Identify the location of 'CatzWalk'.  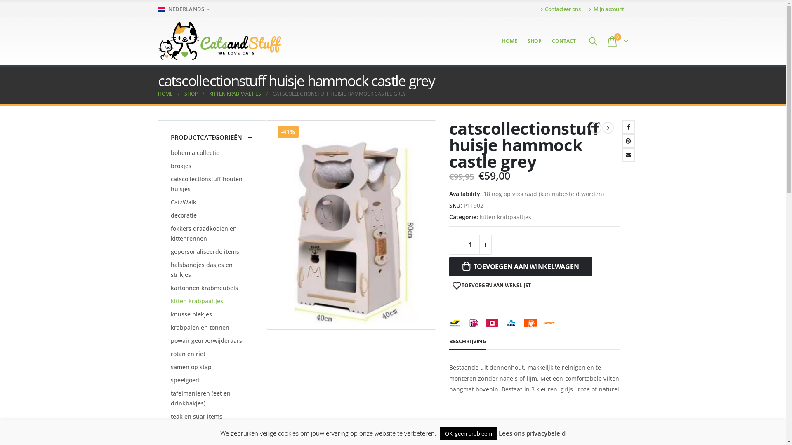
(170, 202).